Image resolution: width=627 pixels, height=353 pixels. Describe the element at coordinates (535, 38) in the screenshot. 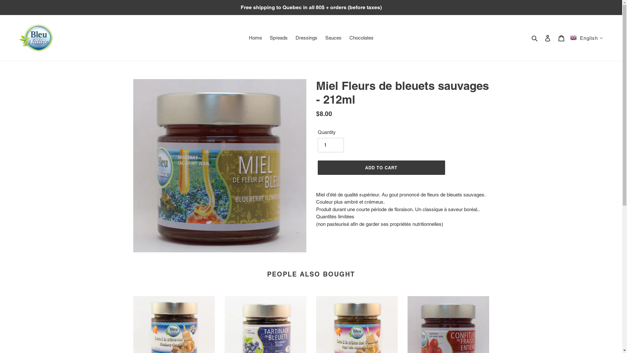

I see `'Search'` at that location.